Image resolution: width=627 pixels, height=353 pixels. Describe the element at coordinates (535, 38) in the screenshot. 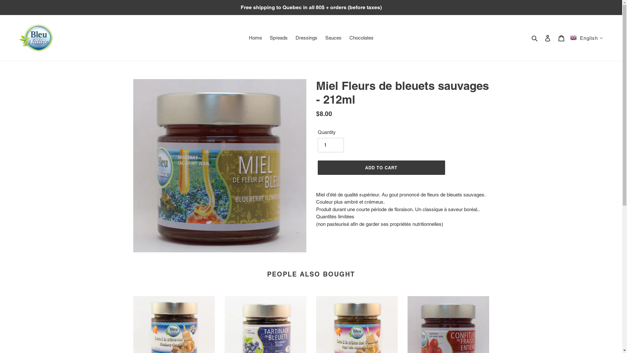

I see `'Search'` at that location.